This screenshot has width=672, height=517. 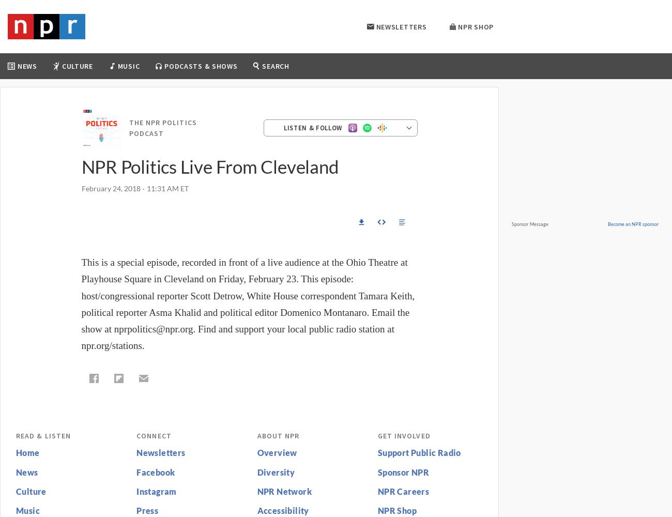 I want to click on 'NPR Politics Live From Cleveland', so click(x=209, y=166).